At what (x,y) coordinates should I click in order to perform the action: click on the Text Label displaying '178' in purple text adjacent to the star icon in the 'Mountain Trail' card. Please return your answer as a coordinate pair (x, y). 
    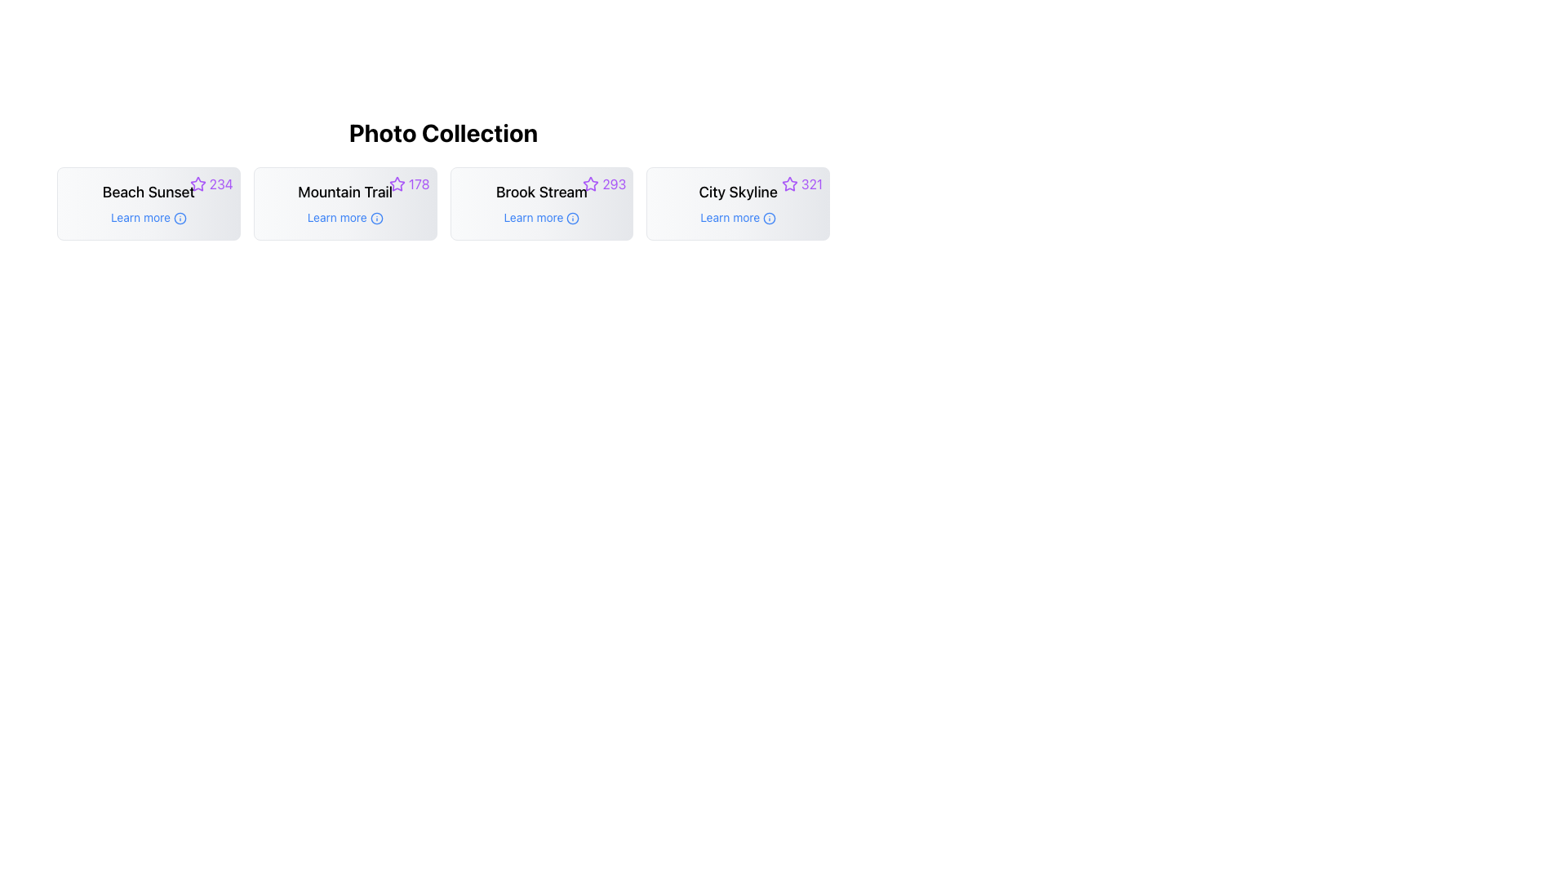
    Looking at the image, I should click on (419, 184).